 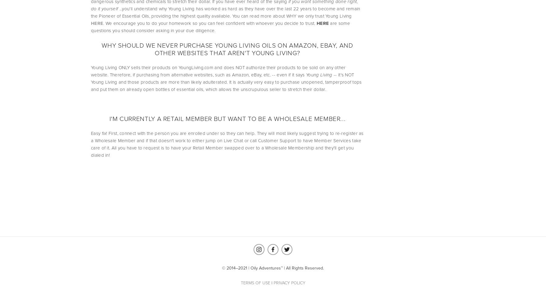 I want to click on 'are some questions you should consider asking in your due diligence.', so click(x=221, y=26).